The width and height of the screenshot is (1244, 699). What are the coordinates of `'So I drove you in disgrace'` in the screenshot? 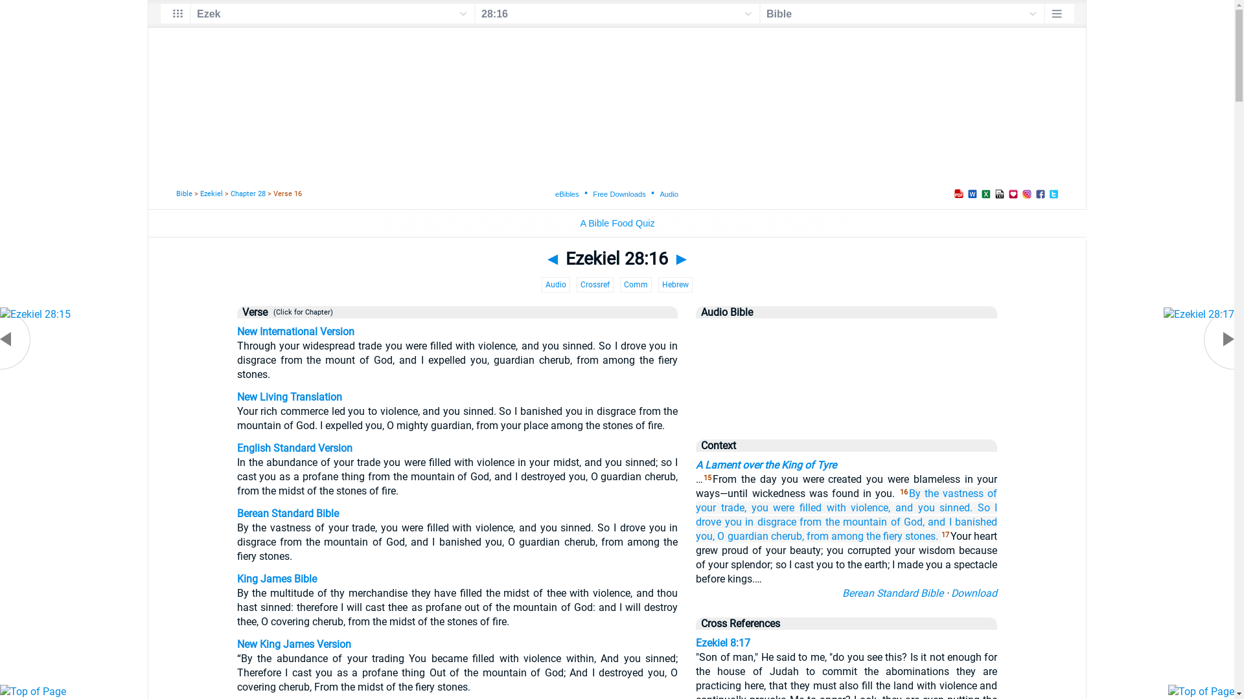 It's located at (846, 514).